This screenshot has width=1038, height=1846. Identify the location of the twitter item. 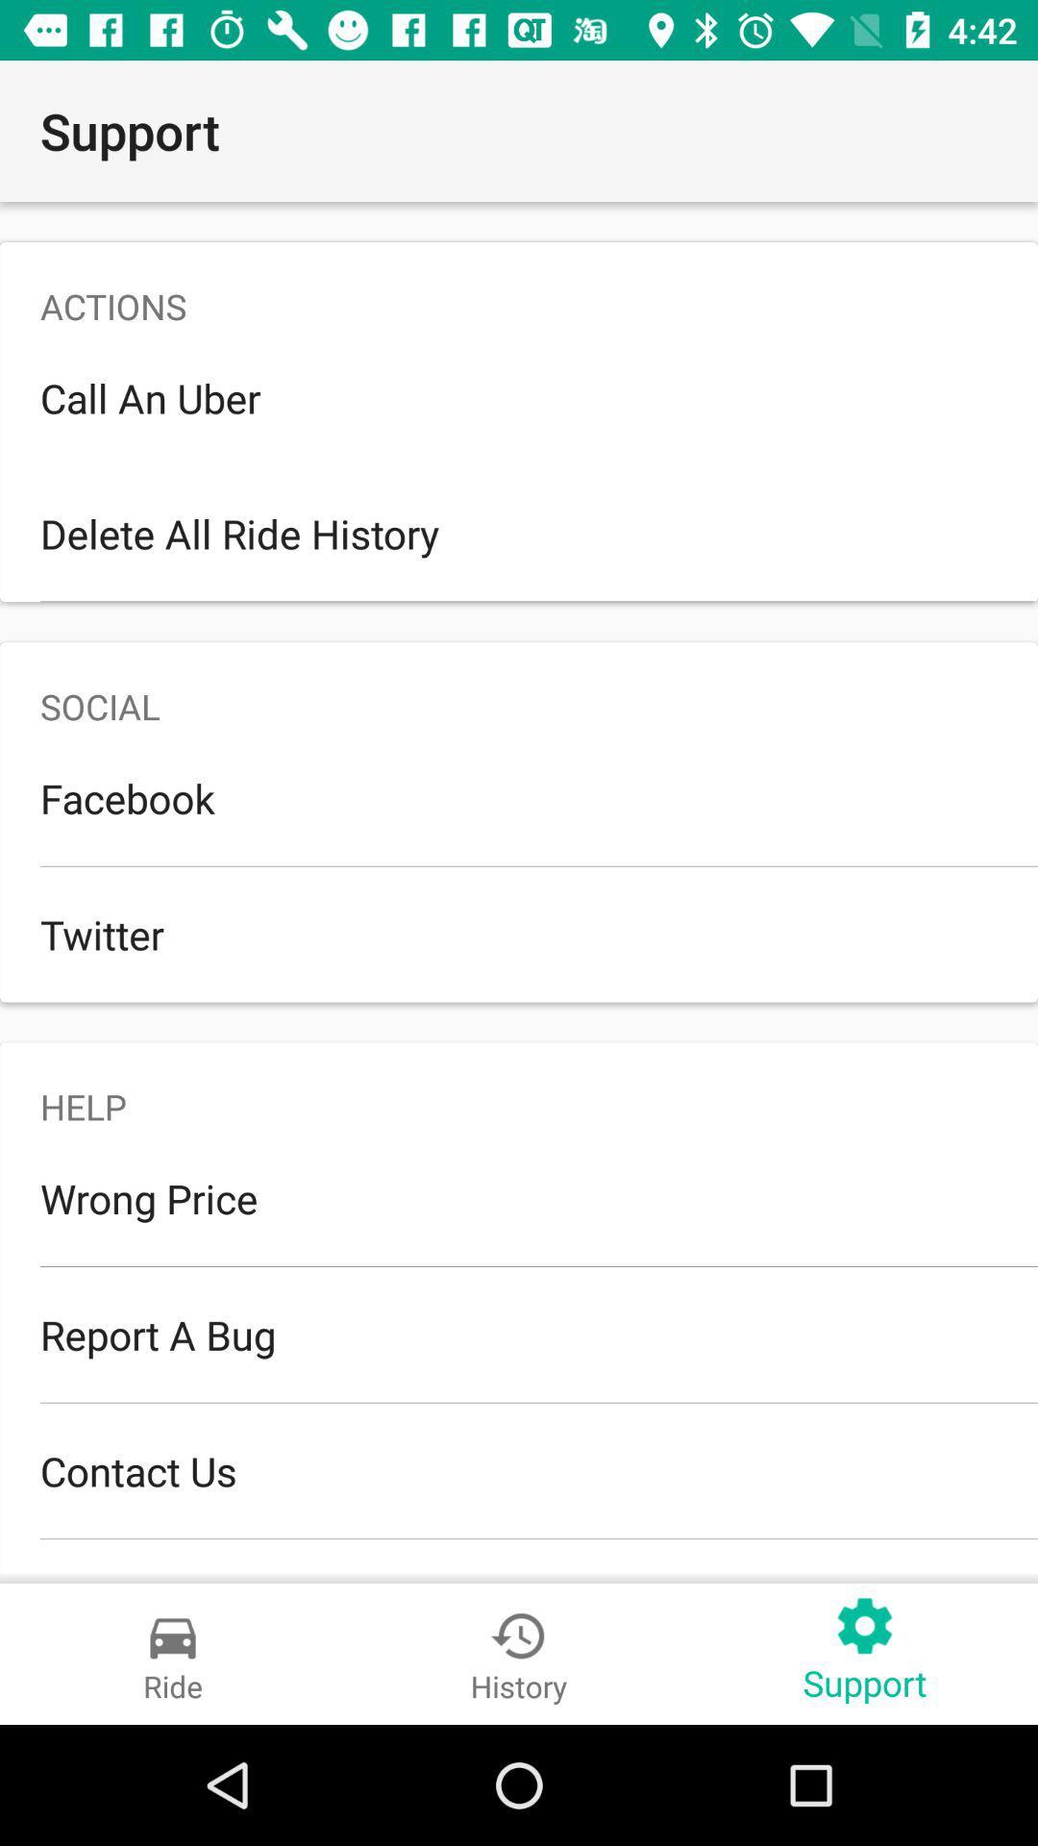
(519, 934).